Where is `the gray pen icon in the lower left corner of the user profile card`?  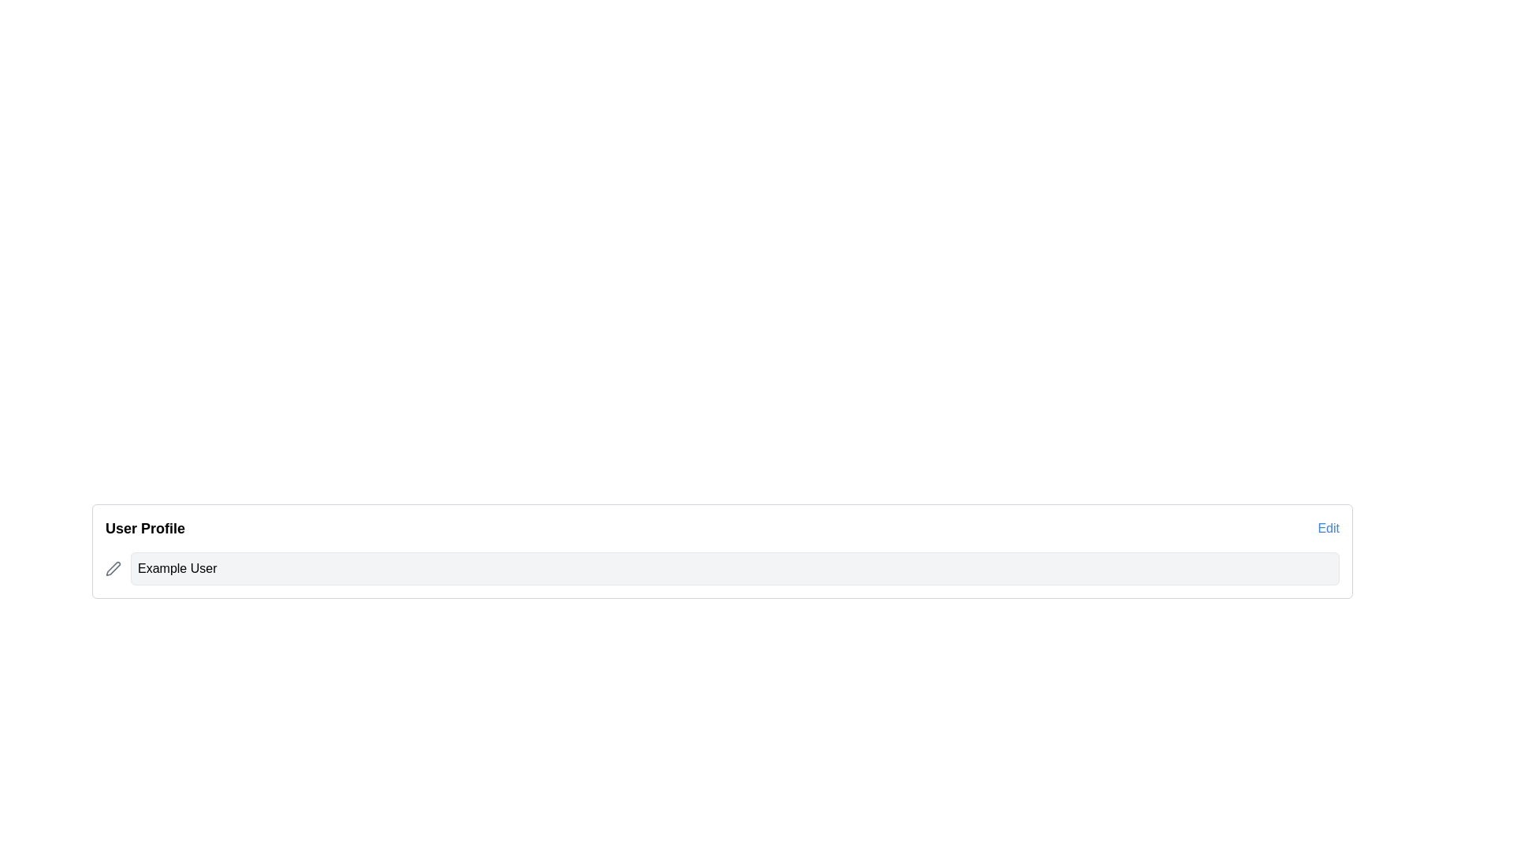 the gray pen icon in the lower left corner of the user profile card is located at coordinates (113, 568).